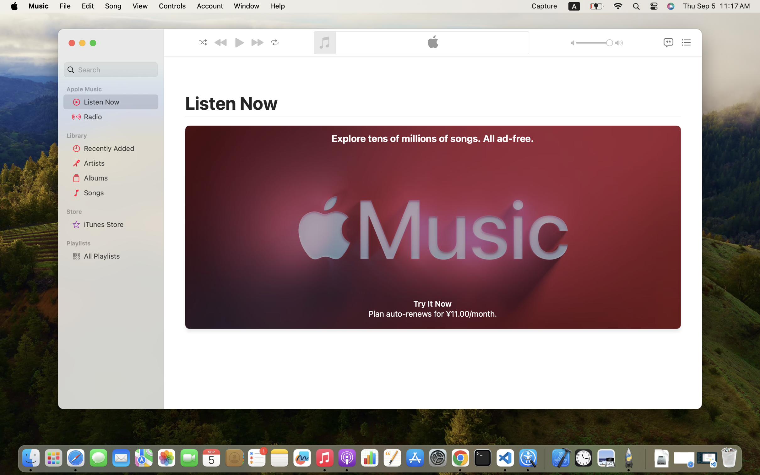 The width and height of the screenshot is (760, 475). I want to click on 'Artists', so click(119, 162).